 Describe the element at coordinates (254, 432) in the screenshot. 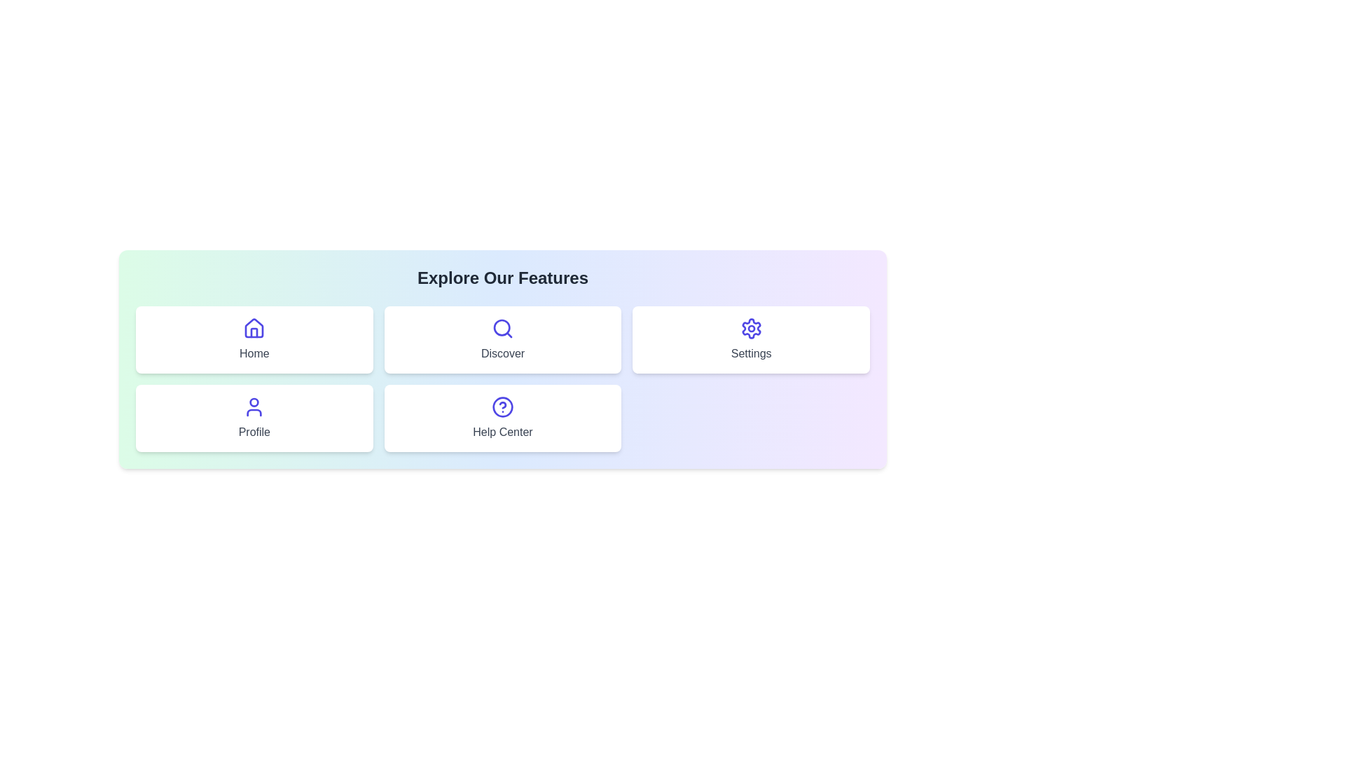

I see `the 'Profile' text label, which is styled in a medium-sized gray font and located below a user silhouette icon in the second row of the grid layout` at that location.